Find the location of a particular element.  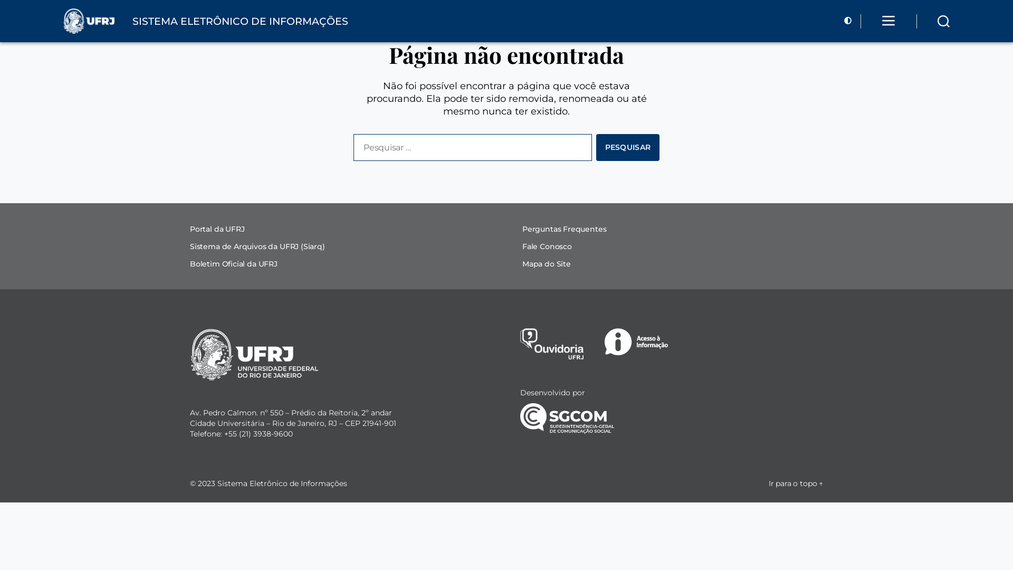

'Boletim Oficial da UFRJ' is located at coordinates (190, 263).